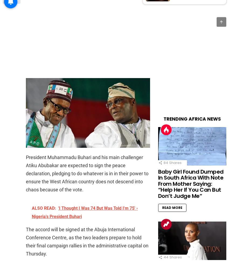 The width and height of the screenshot is (229, 263). I want to click on '84', so click(163, 162).